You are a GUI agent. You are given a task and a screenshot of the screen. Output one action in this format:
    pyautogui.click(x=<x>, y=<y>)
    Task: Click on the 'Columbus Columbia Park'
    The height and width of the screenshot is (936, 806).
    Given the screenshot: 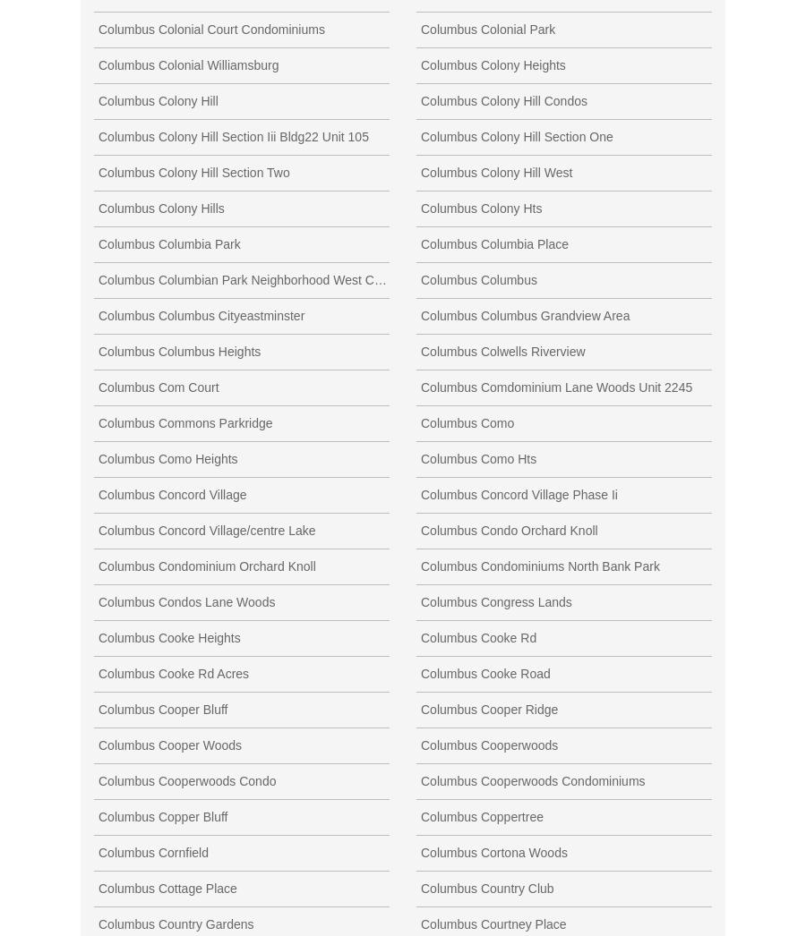 What is the action you would take?
    pyautogui.click(x=97, y=243)
    